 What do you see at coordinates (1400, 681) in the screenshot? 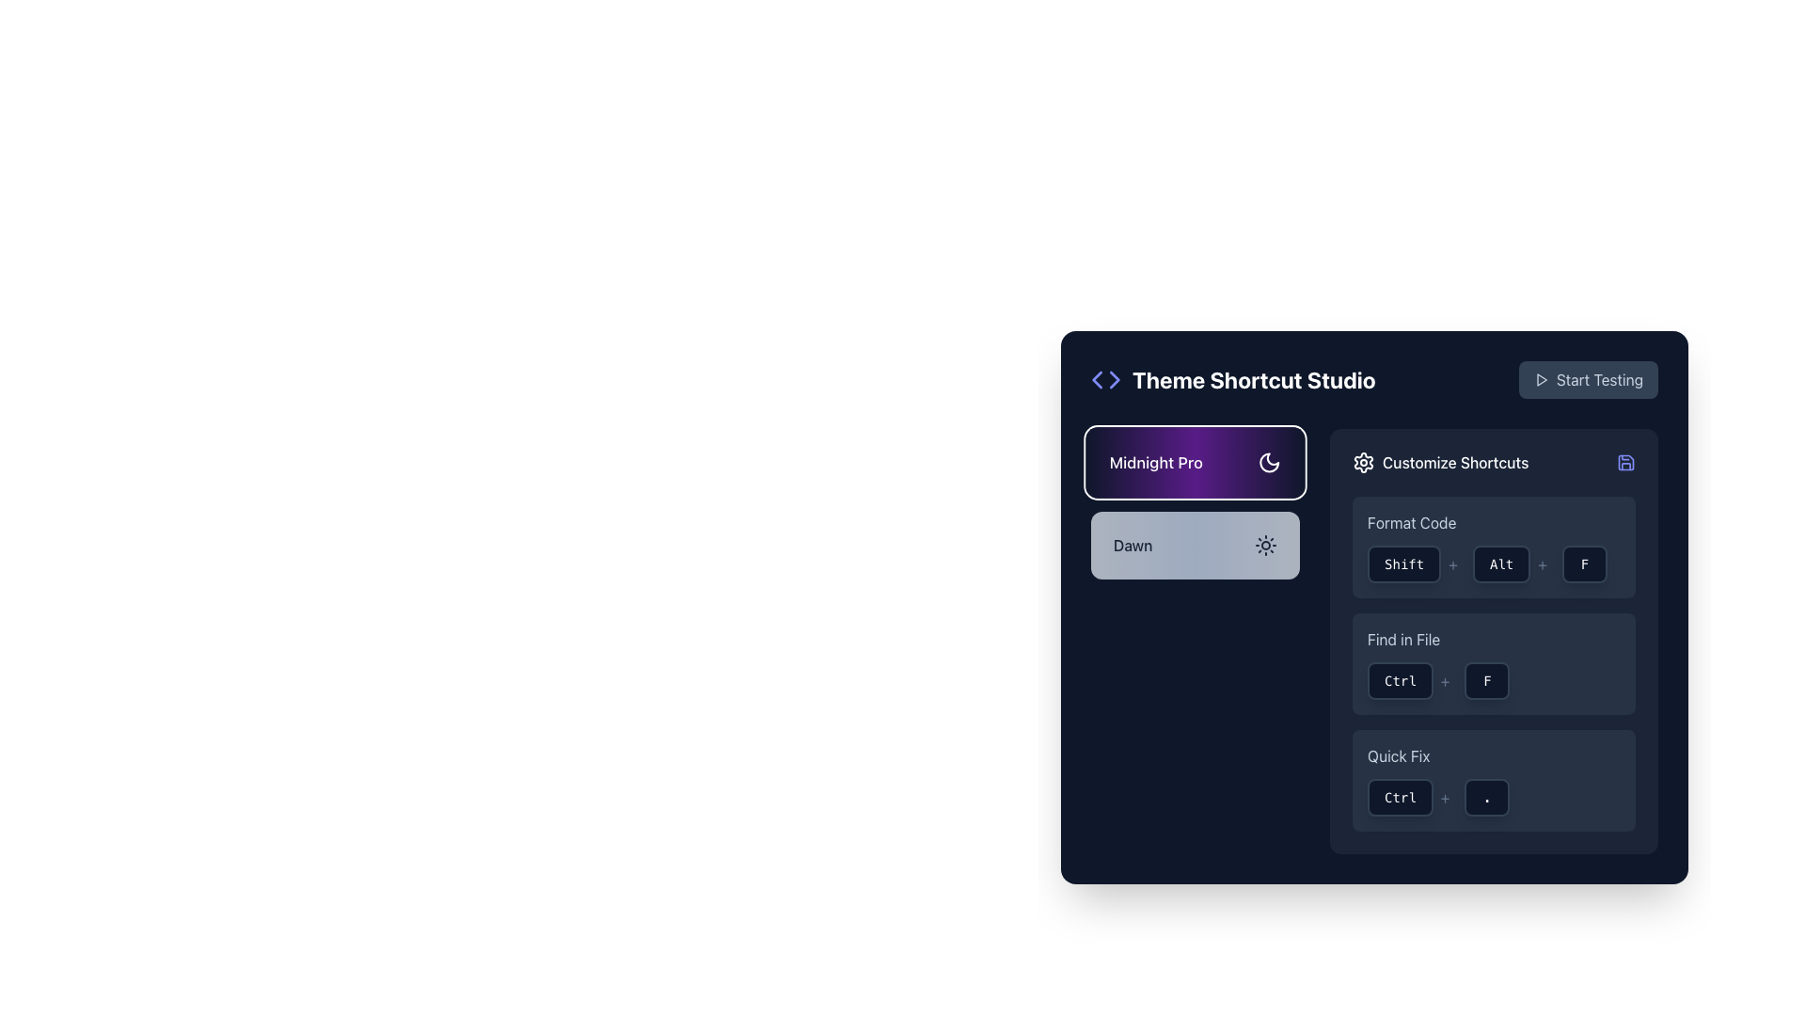
I see `the 'Ctrl' key button in the 'Customize Shortcuts' section` at bounding box center [1400, 681].